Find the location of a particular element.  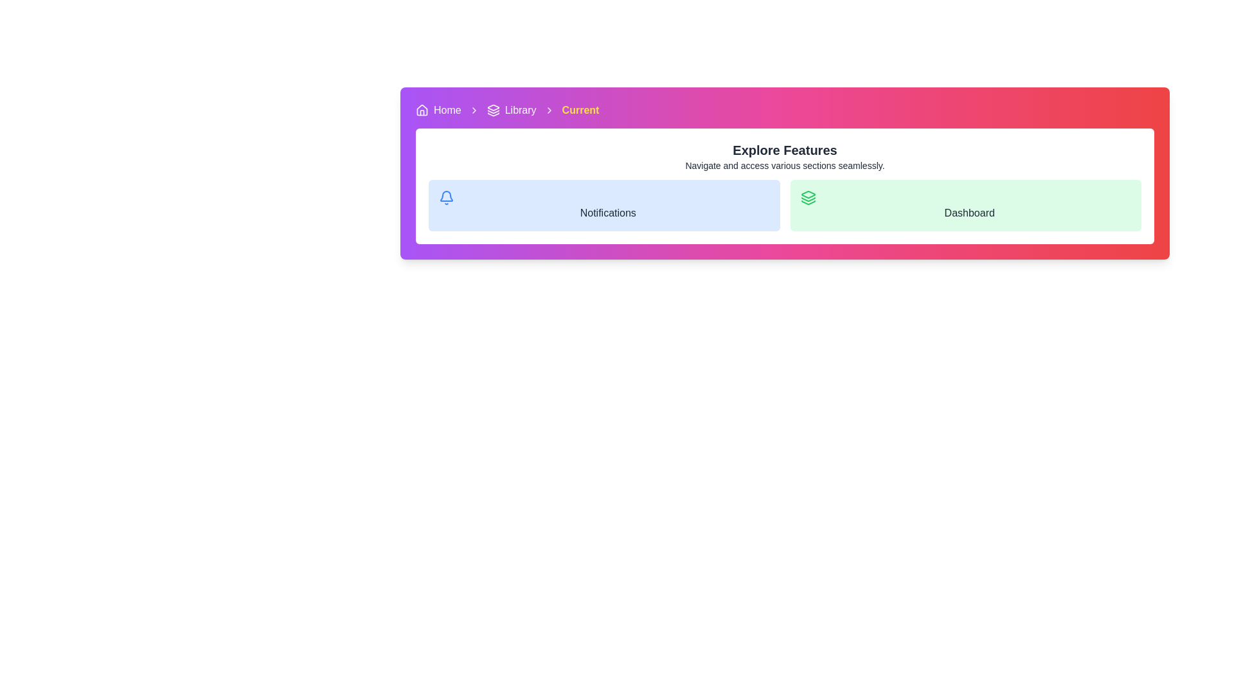

the chevron icon in the breadcrumb navigation bar, which indicates progression from 'Home' to 'Library' is located at coordinates (473, 110).